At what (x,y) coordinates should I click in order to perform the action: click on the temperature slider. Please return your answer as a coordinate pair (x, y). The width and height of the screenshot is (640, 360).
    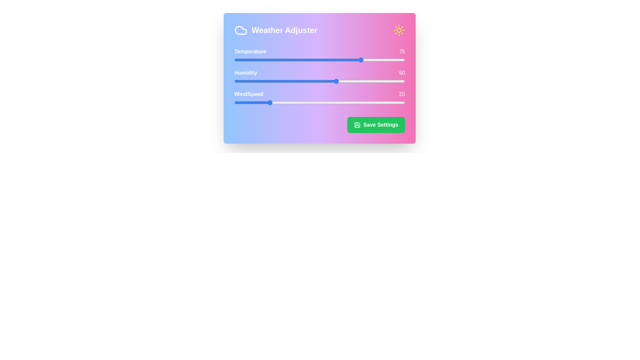
    Looking at the image, I should click on (236, 60).